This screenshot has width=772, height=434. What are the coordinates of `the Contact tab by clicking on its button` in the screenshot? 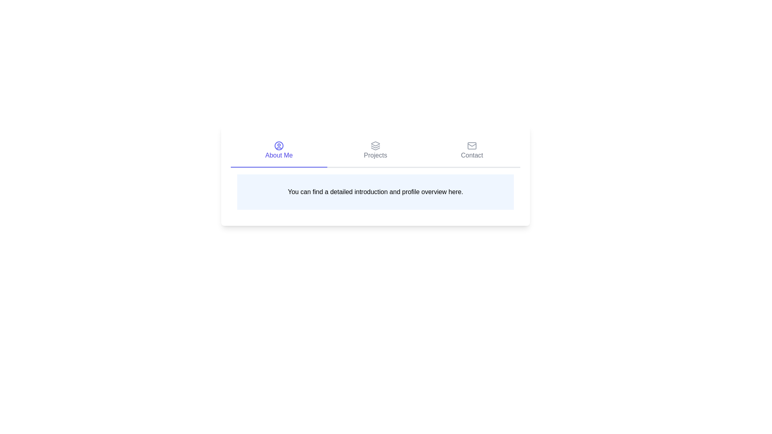 It's located at (472, 151).